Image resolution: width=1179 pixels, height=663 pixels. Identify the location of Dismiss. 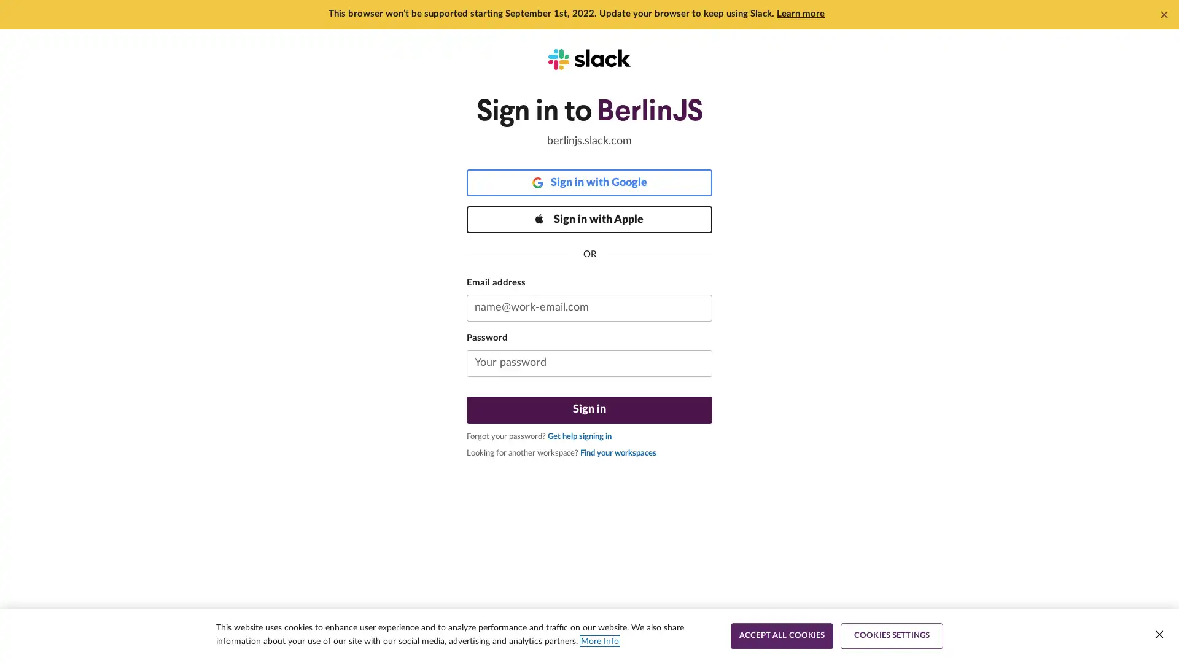
(1164, 14).